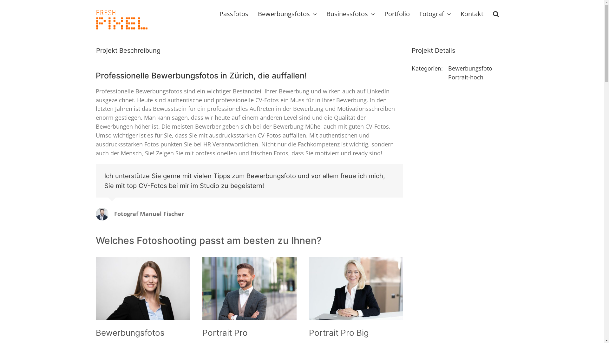  What do you see at coordinates (470, 68) in the screenshot?
I see `'Bewerbungsfoto'` at bounding box center [470, 68].